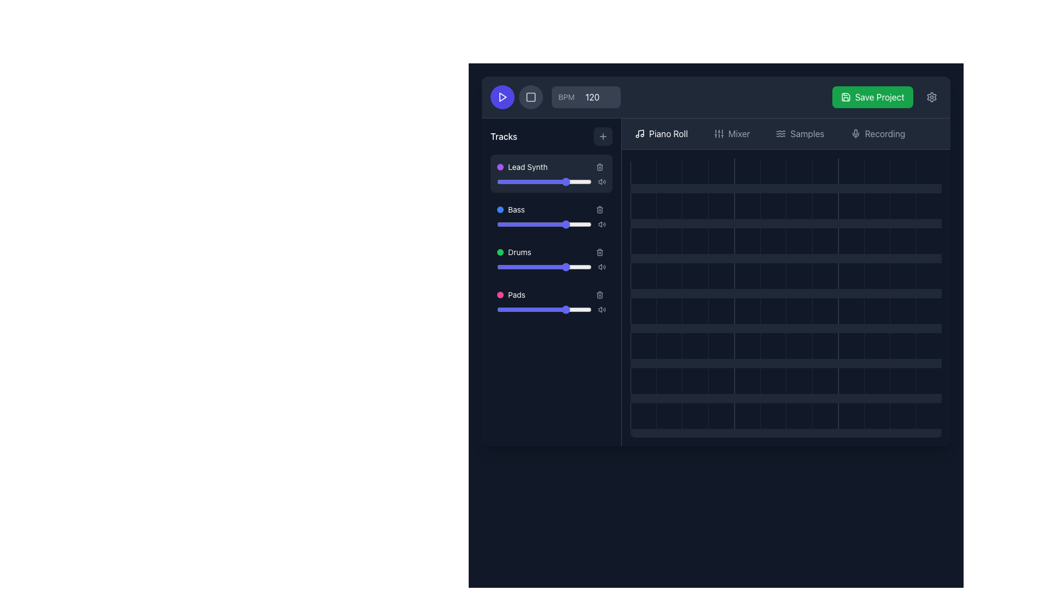  What do you see at coordinates (877, 380) in the screenshot?
I see `the grid cell located in the 11th column of the 6th row, which has a dark gray background that lightens on hover` at bounding box center [877, 380].